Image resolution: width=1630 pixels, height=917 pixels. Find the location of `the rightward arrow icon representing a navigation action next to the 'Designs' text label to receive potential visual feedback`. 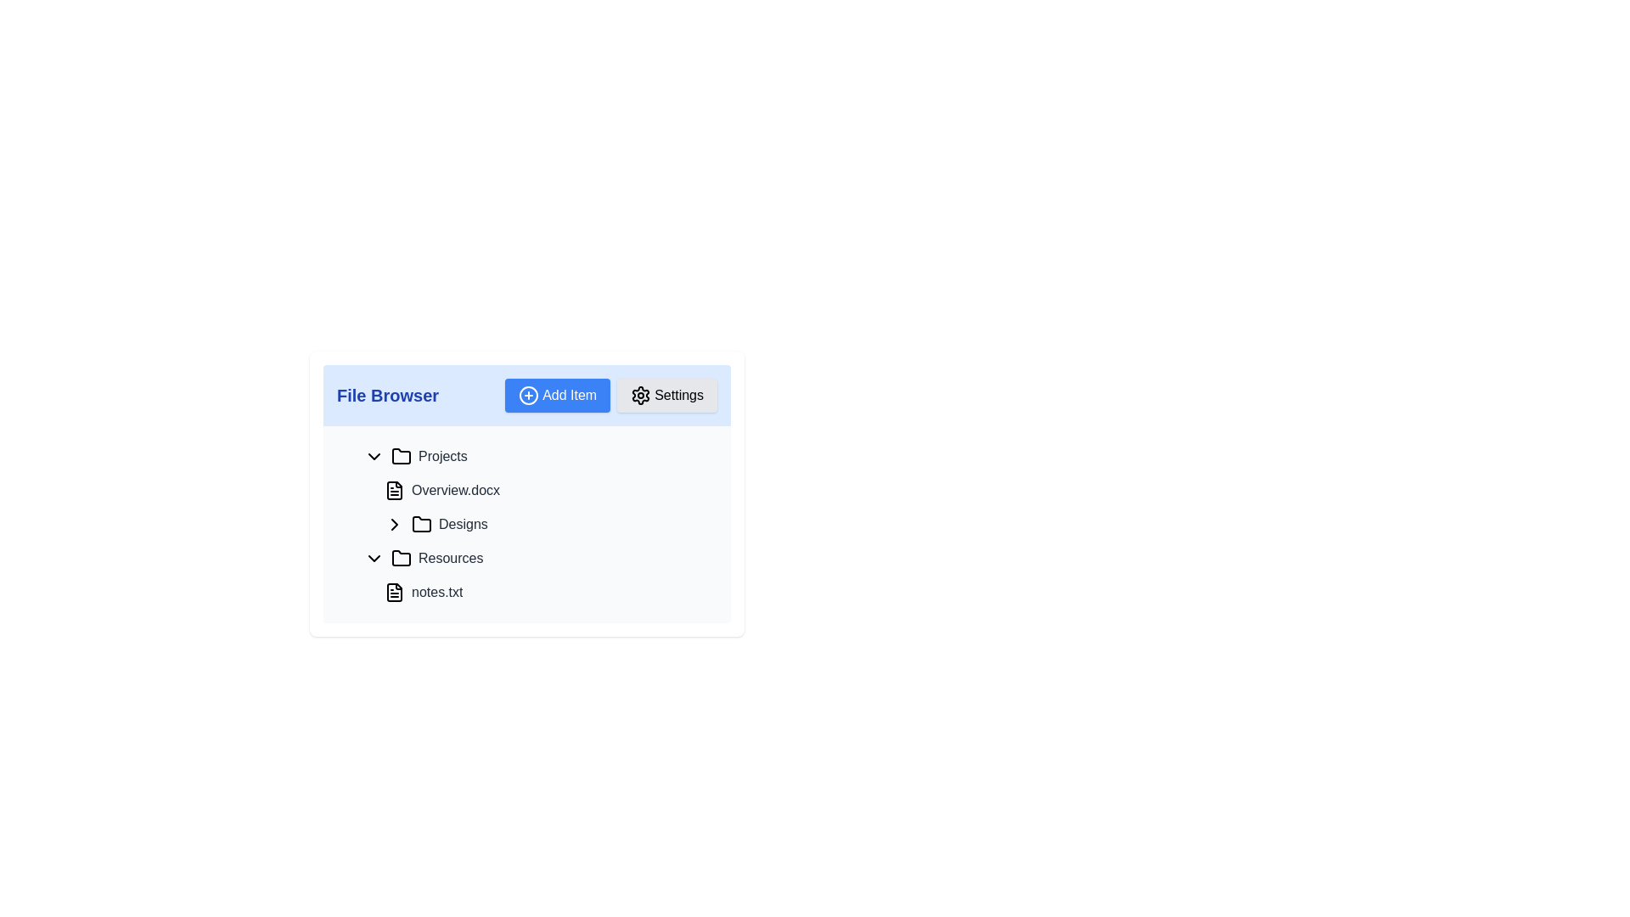

the rightward arrow icon representing a navigation action next to the 'Designs' text label to receive potential visual feedback is located at coordinates (394, 523).